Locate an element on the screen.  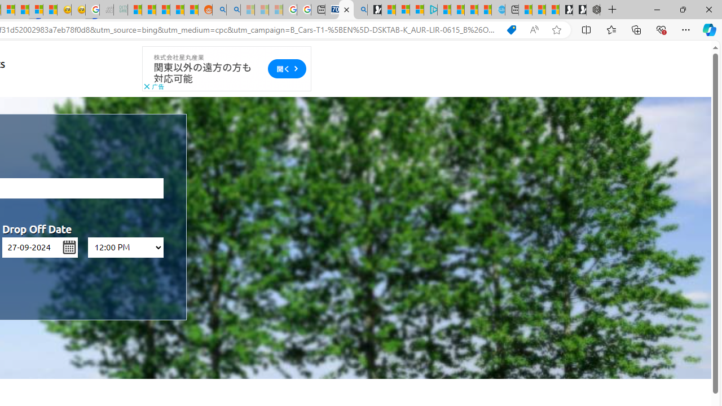
'Nordace - Nordace Siena Is Not An Ordinary Backpack' is located at coordinates (592, 10).